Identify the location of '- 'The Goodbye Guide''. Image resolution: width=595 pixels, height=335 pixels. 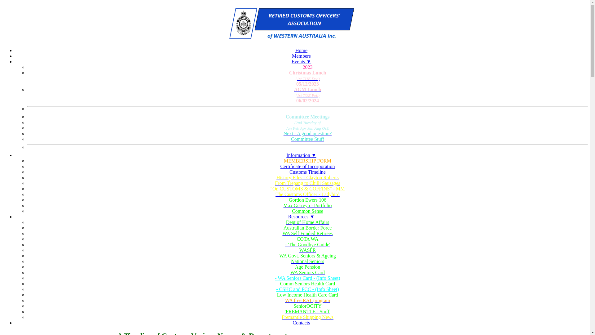
(307, 244).